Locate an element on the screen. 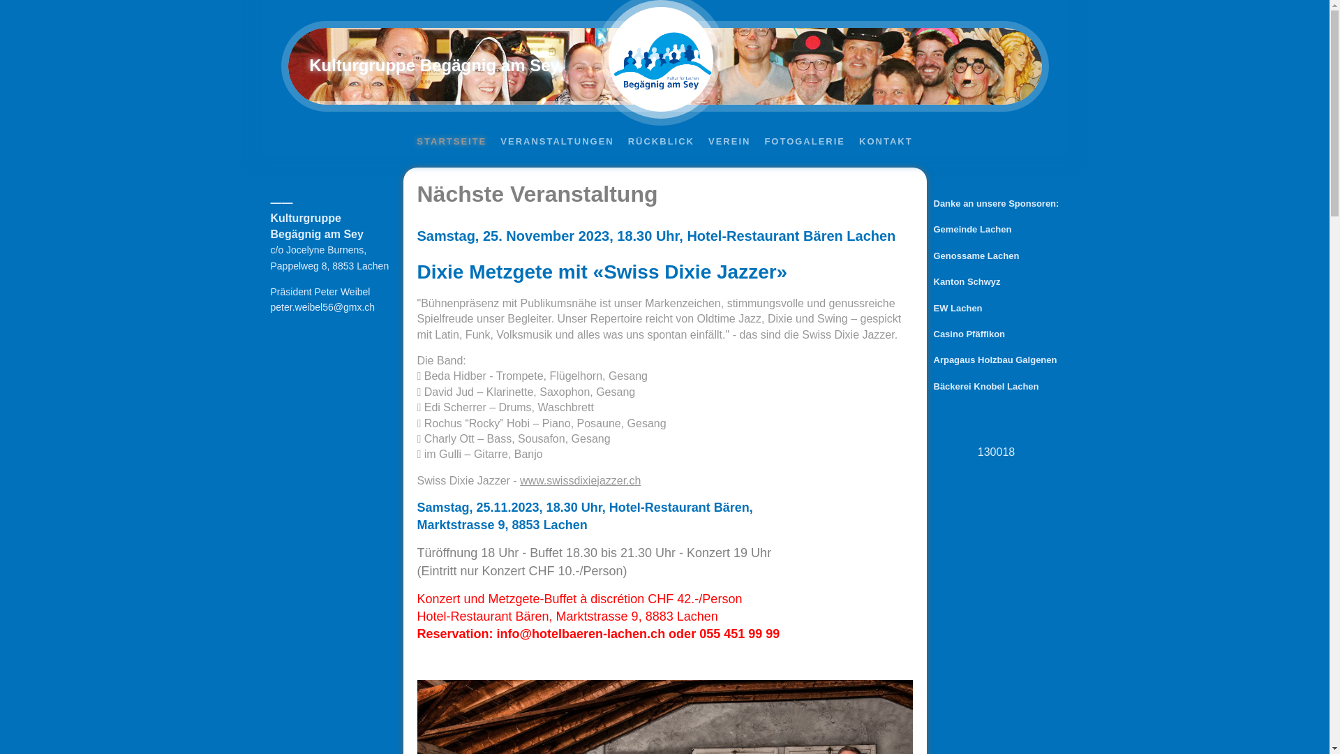 The height and width of the screenshot is (754, 1340). 'FOTOGALERIE' is located at coordinates (759, 141).